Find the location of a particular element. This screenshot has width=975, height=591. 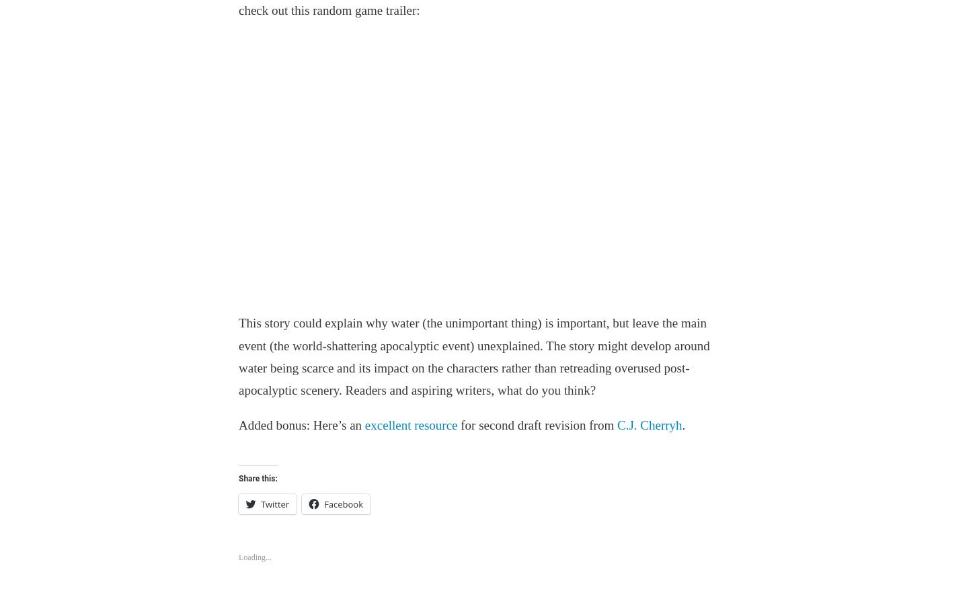

'for second draft revision from' is located at coordinates (457, 425).